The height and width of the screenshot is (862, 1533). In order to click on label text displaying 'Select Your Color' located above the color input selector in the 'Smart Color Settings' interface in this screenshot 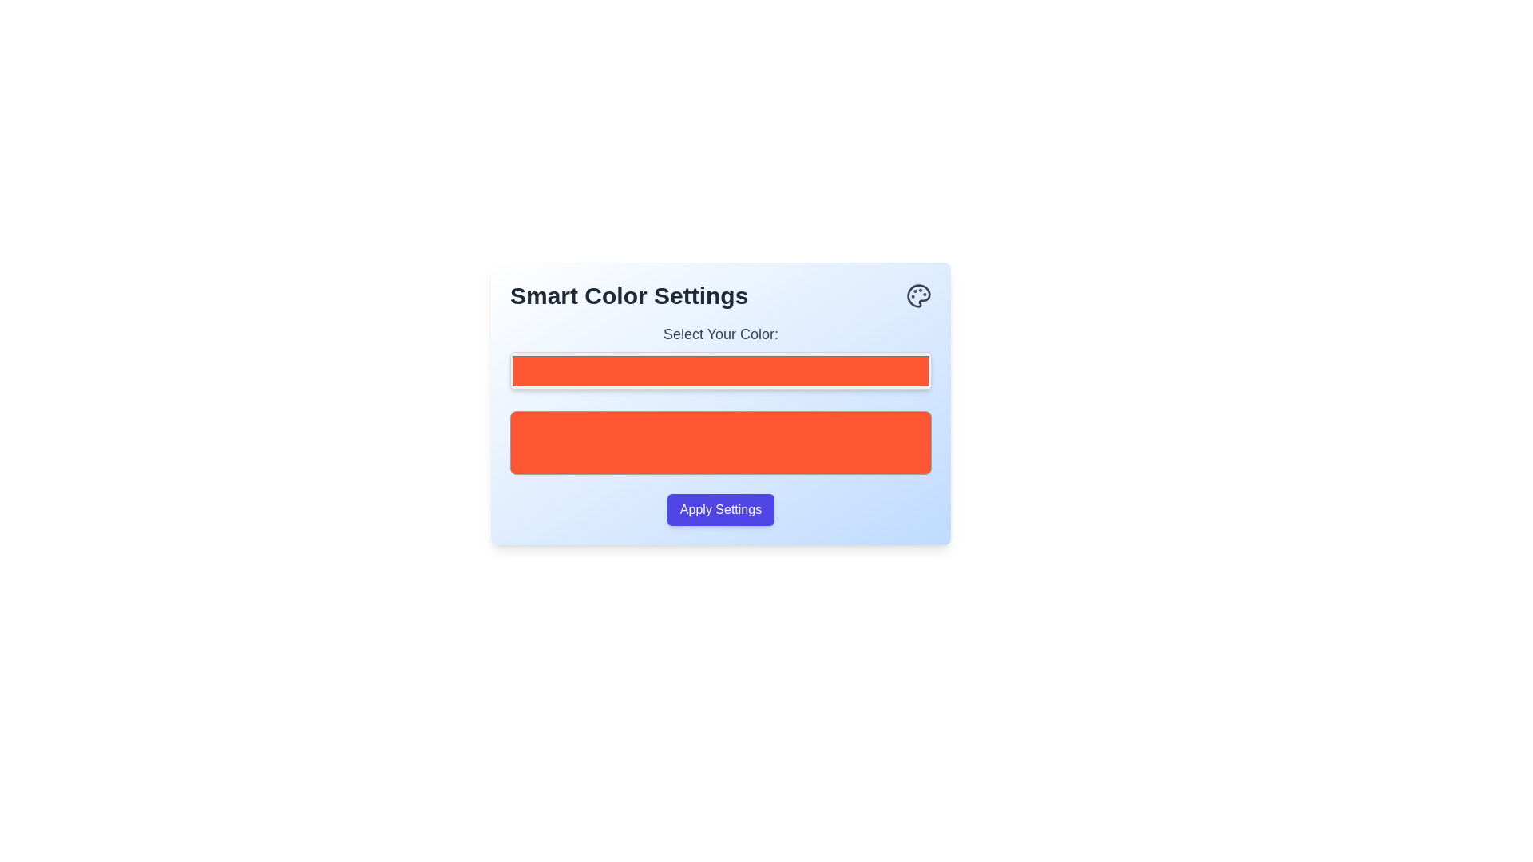, I will do `click(719, 356)`.